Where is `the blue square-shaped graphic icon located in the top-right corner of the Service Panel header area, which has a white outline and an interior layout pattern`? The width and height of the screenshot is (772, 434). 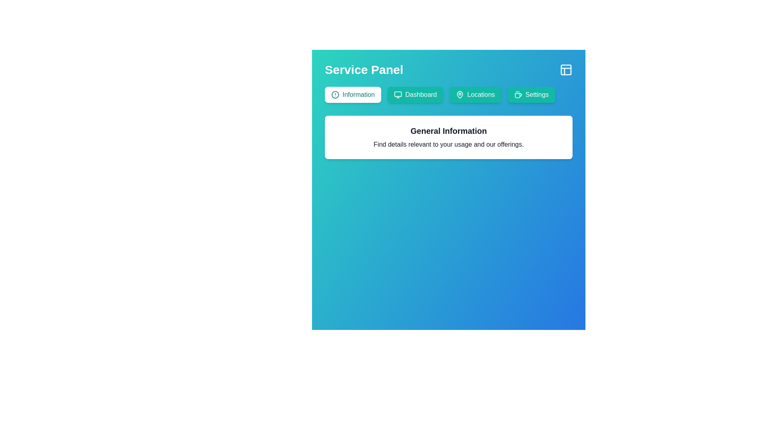 the blue square-shaped graphic icon located in the top-right corner of the Service Panel header area, which has a white outline and an interior layout pattern is located at coordinates (565, 69).